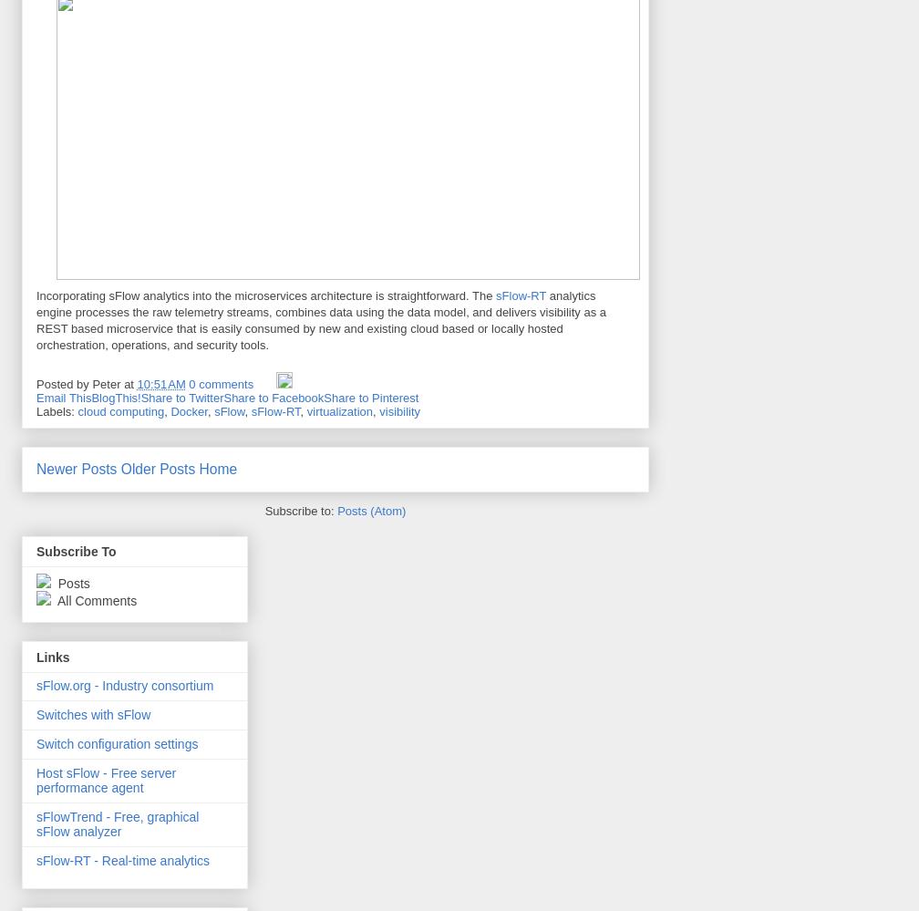 This screenshot has width=919, height=911. What do you see at coordinates (217, 468) in the screenshot?
I see `'Home'` at bounding box center [217, 468].